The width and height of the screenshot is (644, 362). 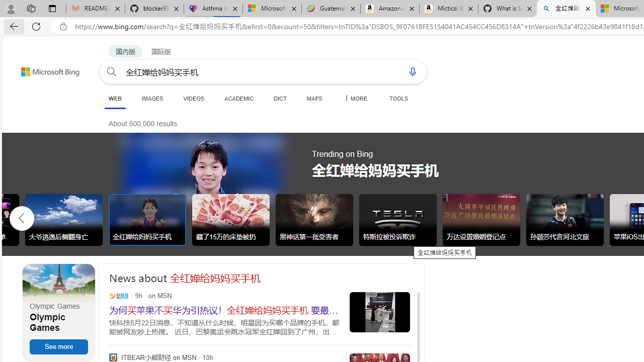 I want to click on 'Asthma Inhalers: Names and Types', so click(x=213, y=9).